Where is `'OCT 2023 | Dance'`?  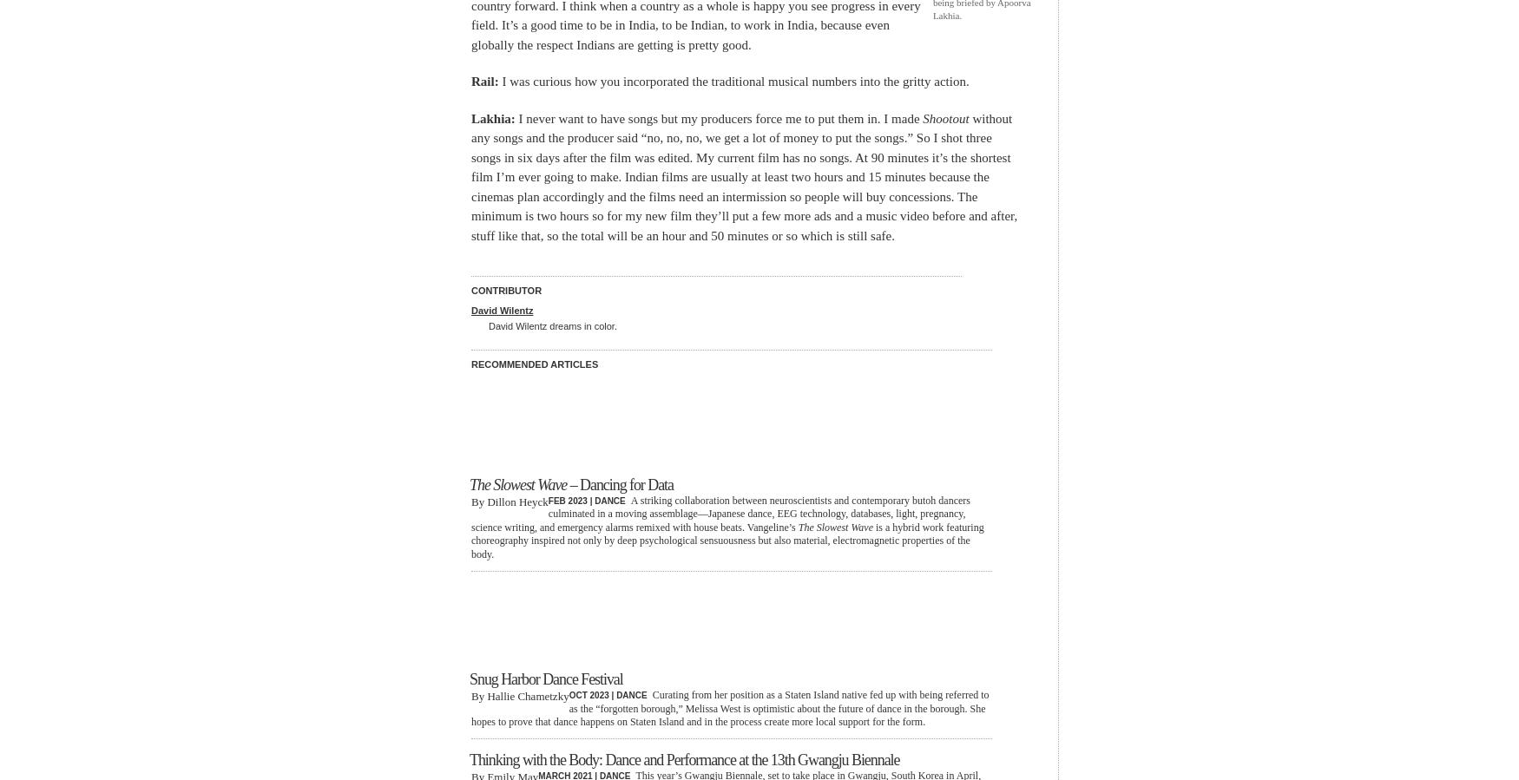 'OCT 2023 | Dance' is located at coordinates (608, 695).